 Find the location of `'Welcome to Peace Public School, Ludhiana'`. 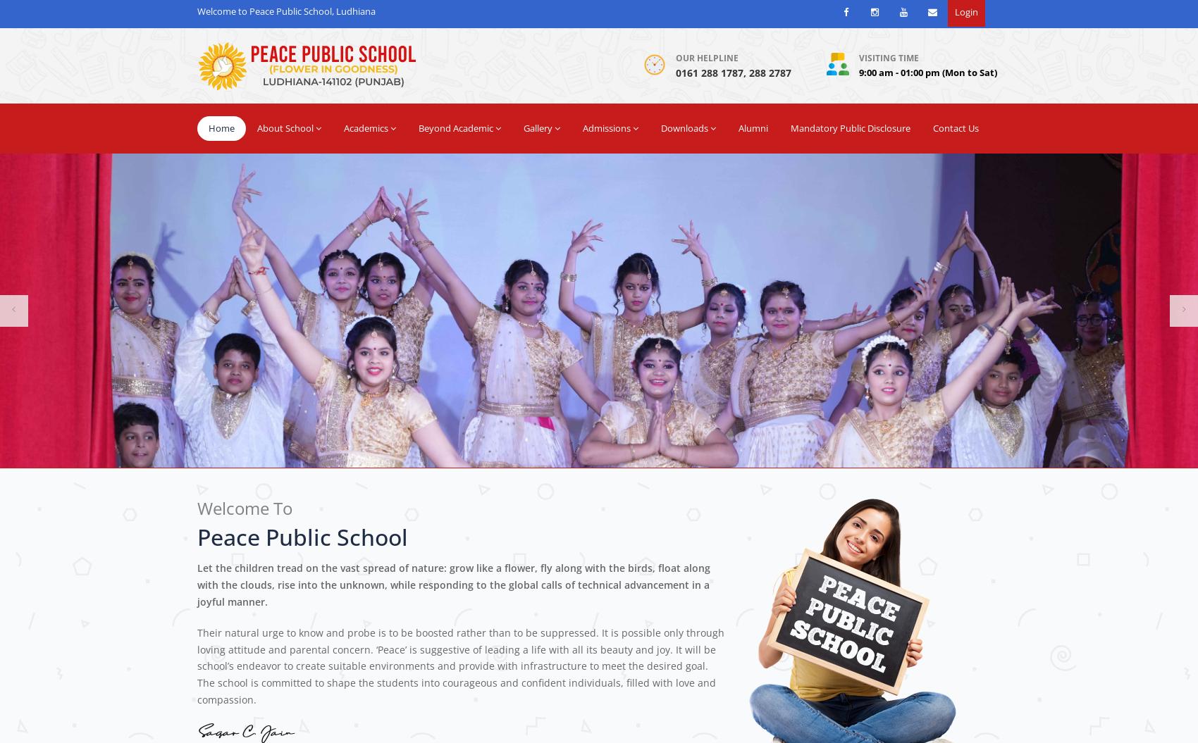

'Welcome to Peace Public School, Ludhiana' is located at coordinates (197, 11).